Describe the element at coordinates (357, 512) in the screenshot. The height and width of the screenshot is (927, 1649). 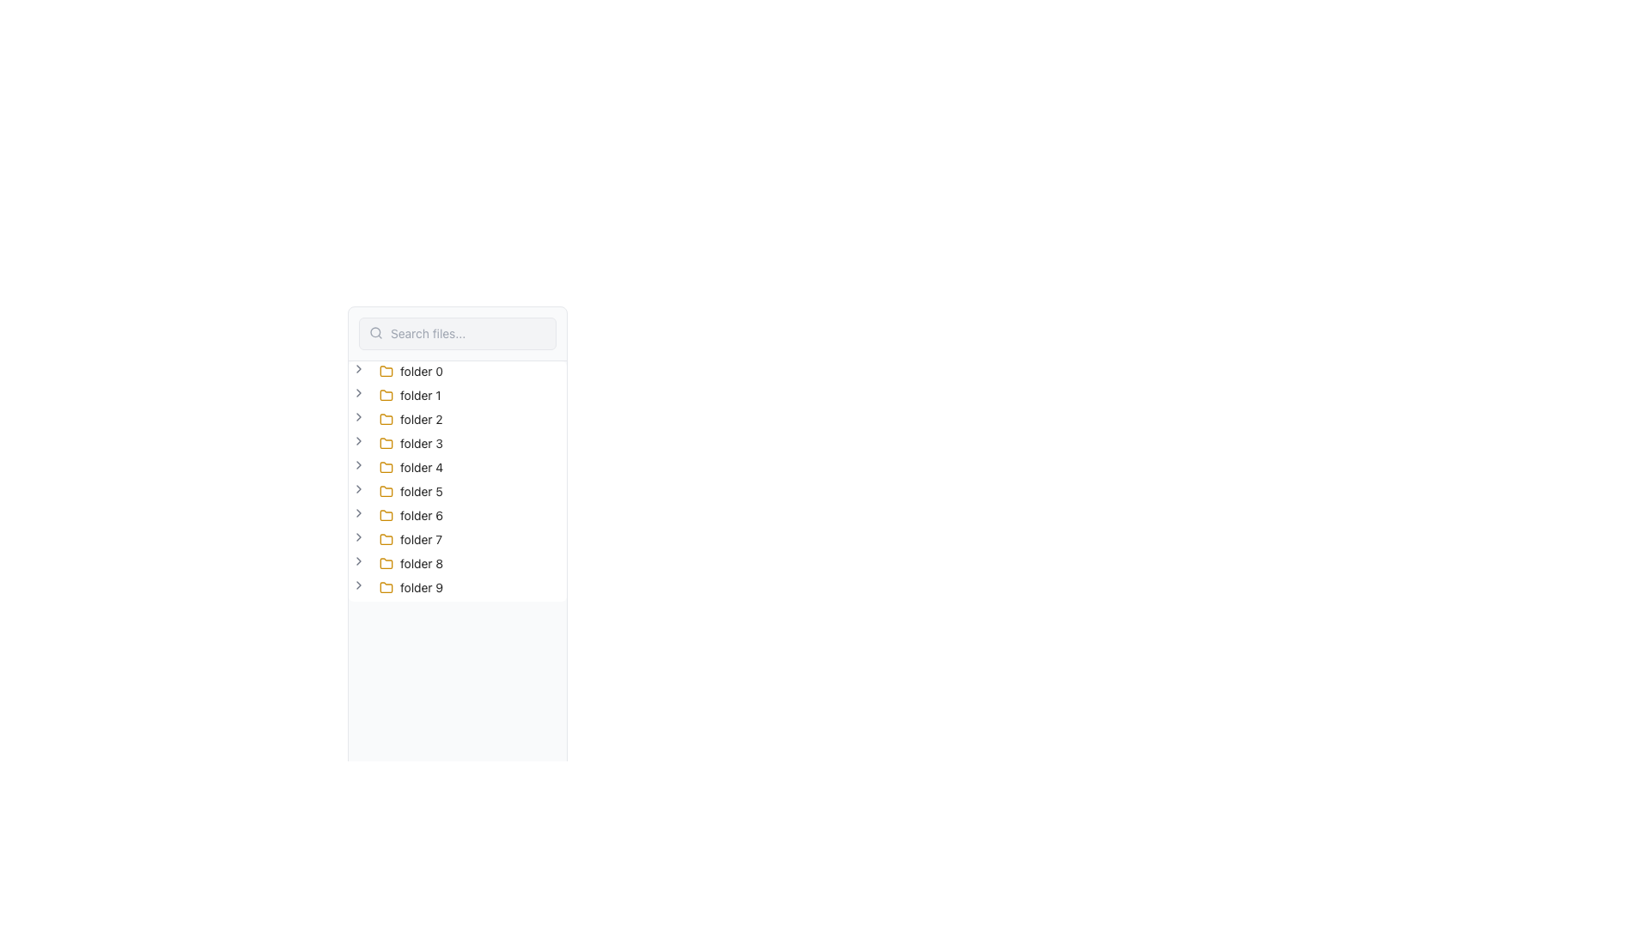
I see `the rightward-pointing chevron icon button associated with 'folder 6' to trigger a visual state change` at that location.